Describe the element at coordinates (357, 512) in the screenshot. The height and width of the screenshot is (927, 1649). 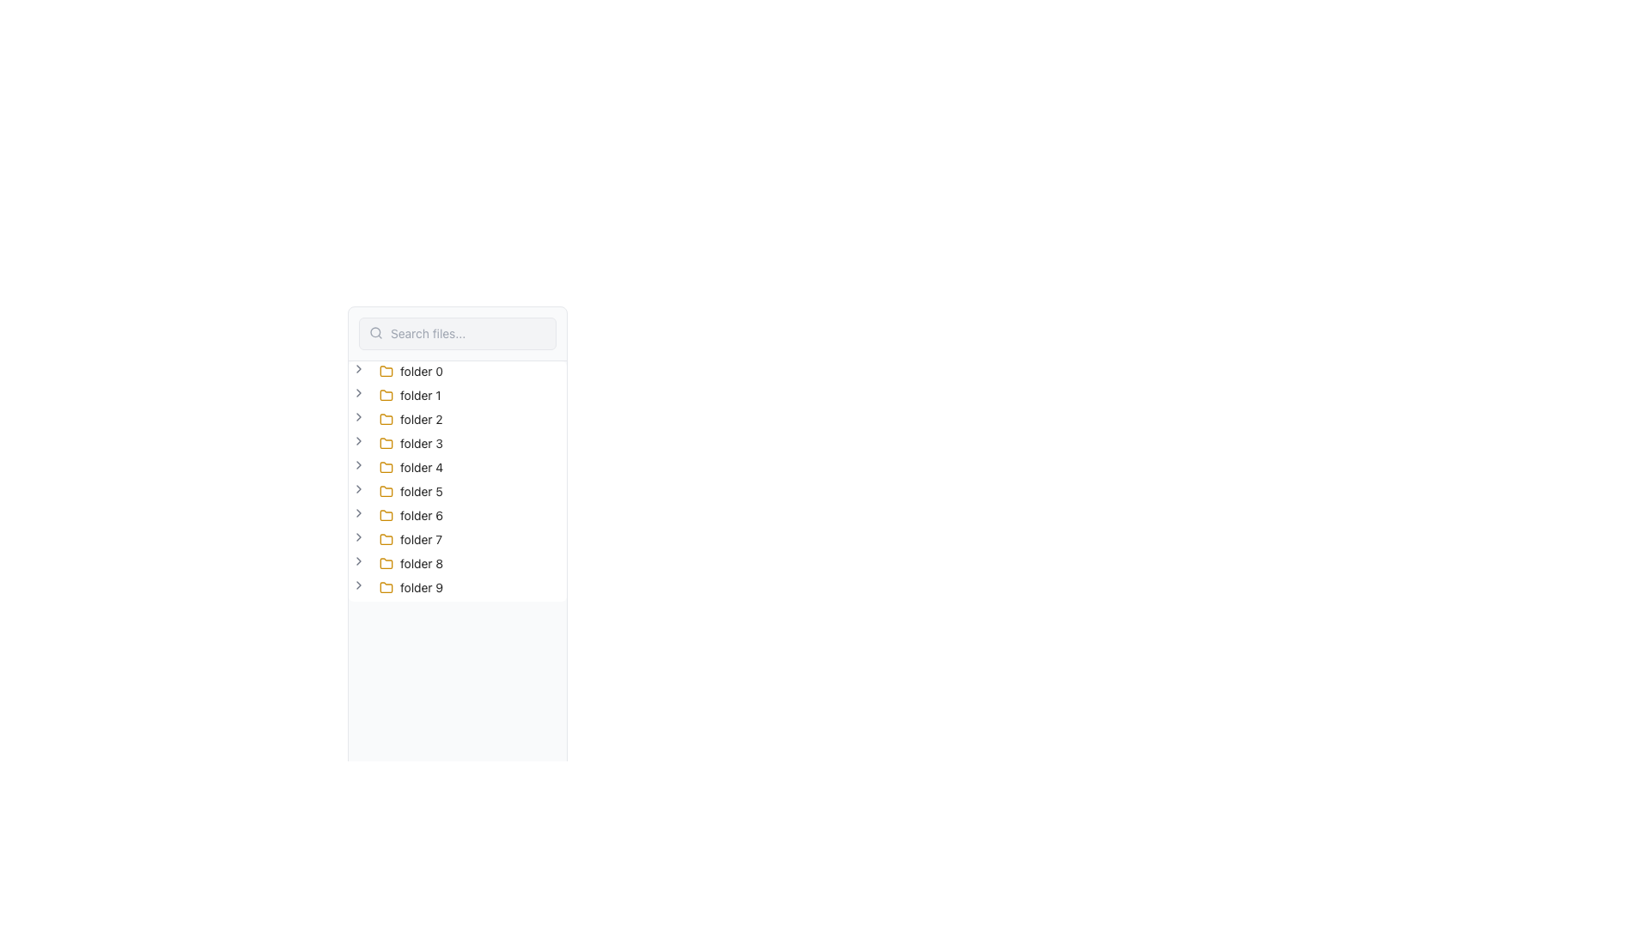
I see `the rightward-pointing chevron icon button associated with 'folder 6' to trigger a visual state change` at that location.